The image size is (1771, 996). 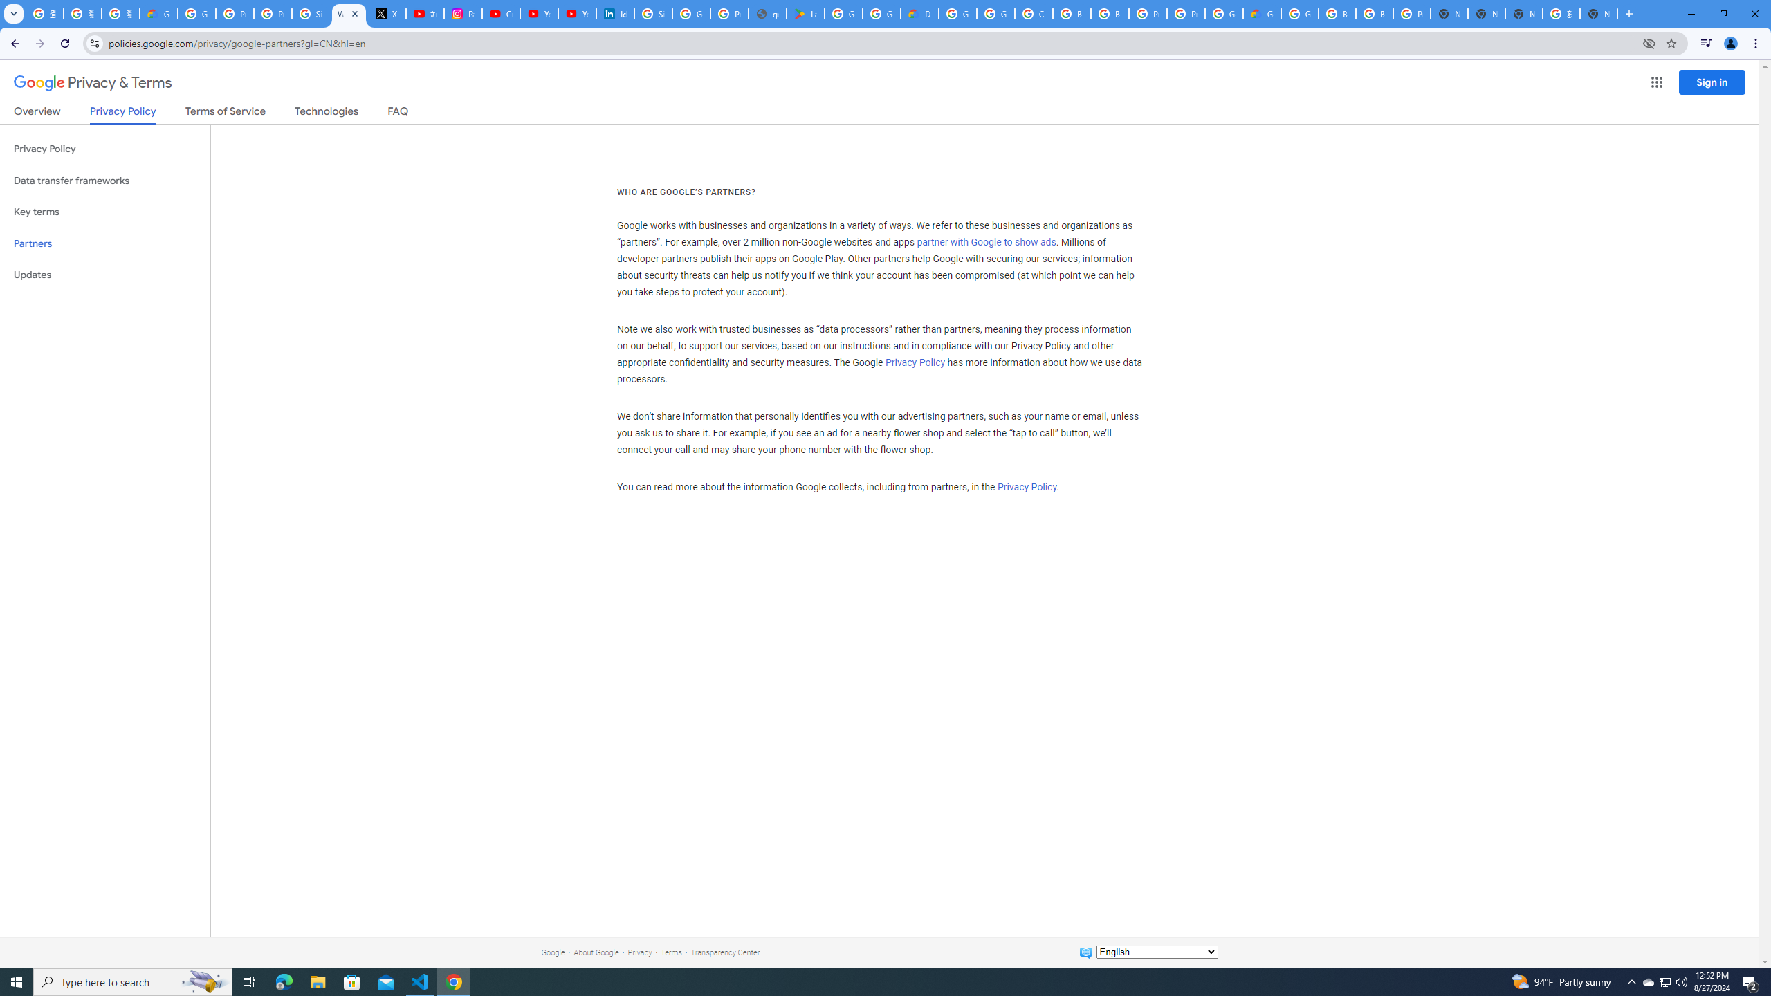 I want to click on 'Privacy Help Center - Policies Help', so click(x=234, y=13).